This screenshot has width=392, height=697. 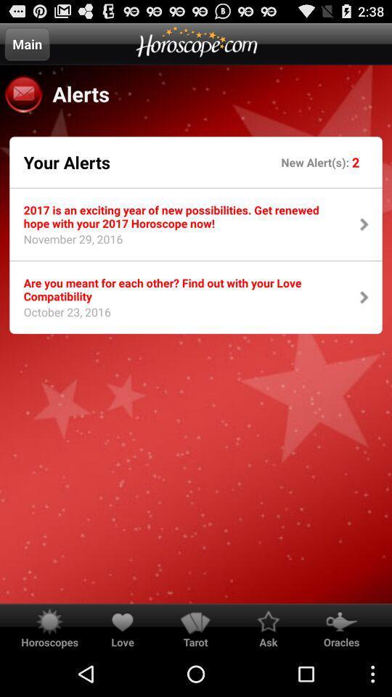 I want to click on your alerts icon, so click(x=66, y=162).